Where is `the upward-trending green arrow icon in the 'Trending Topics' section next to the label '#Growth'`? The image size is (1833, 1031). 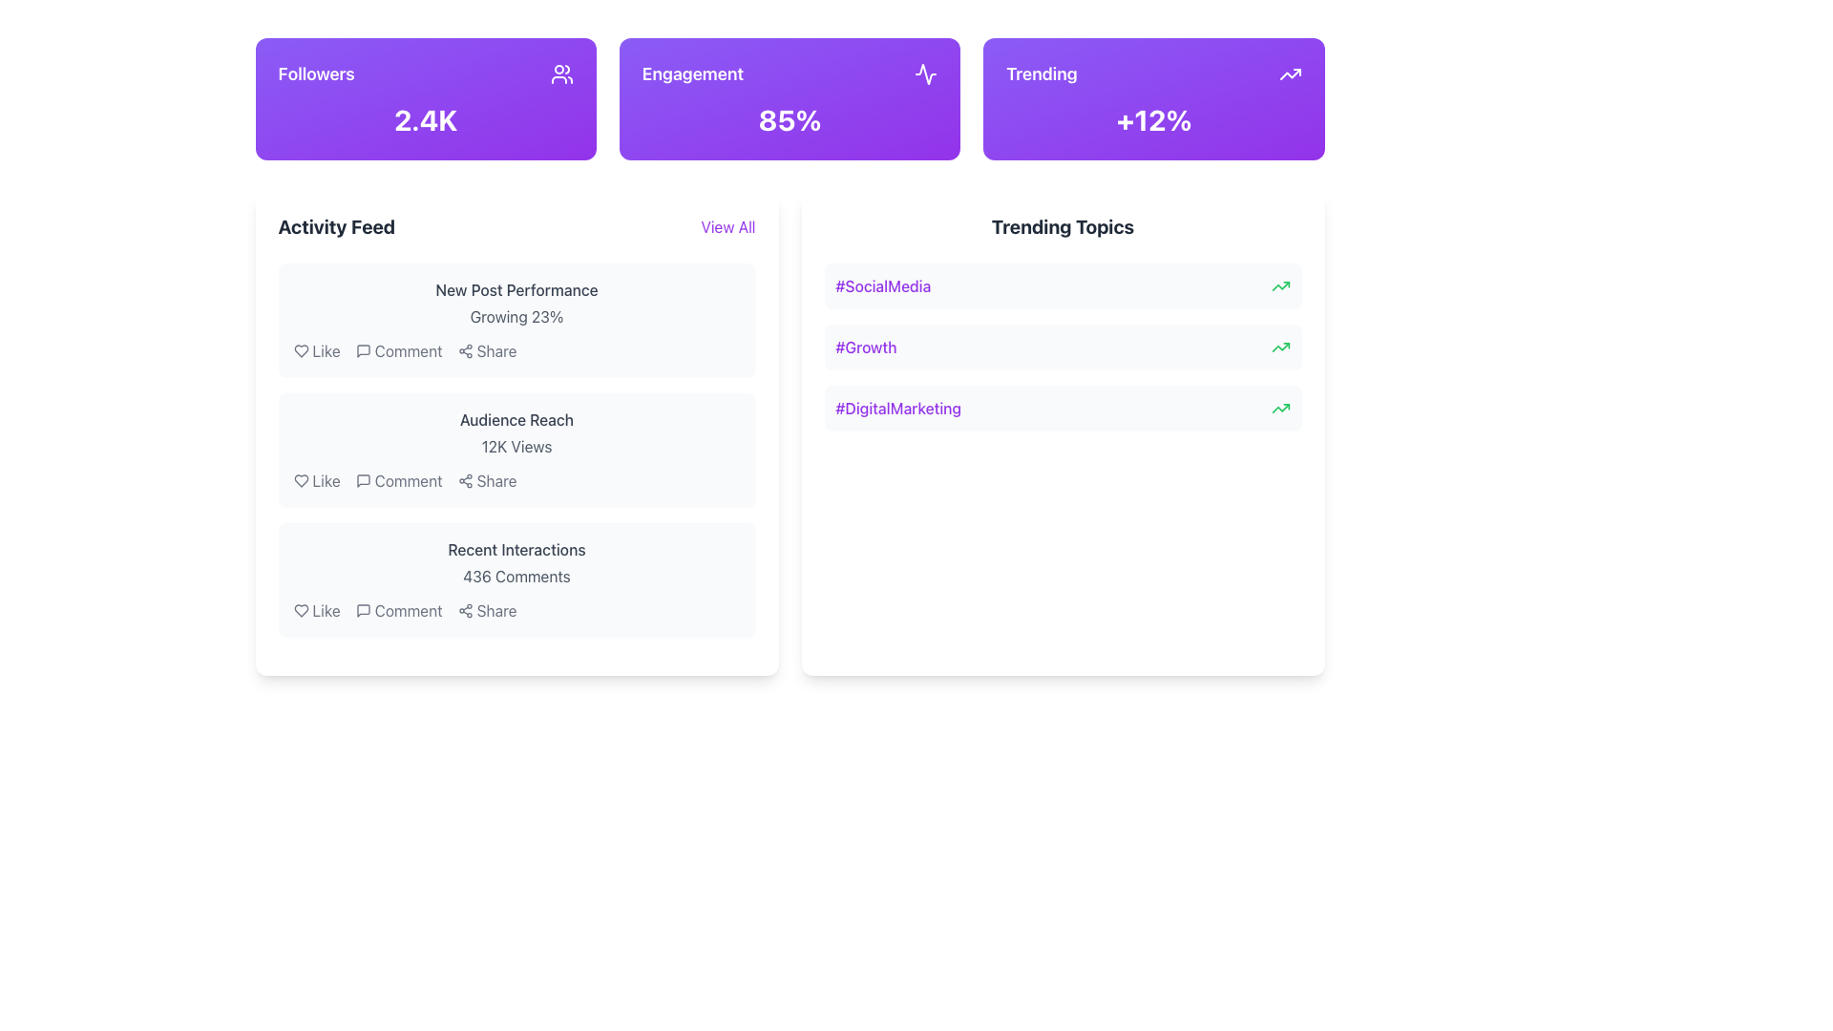
the upward-trending green arrow icon in the 'Trending Topics' section next to the label '#Growth' is located at coordinates (1280, 347).